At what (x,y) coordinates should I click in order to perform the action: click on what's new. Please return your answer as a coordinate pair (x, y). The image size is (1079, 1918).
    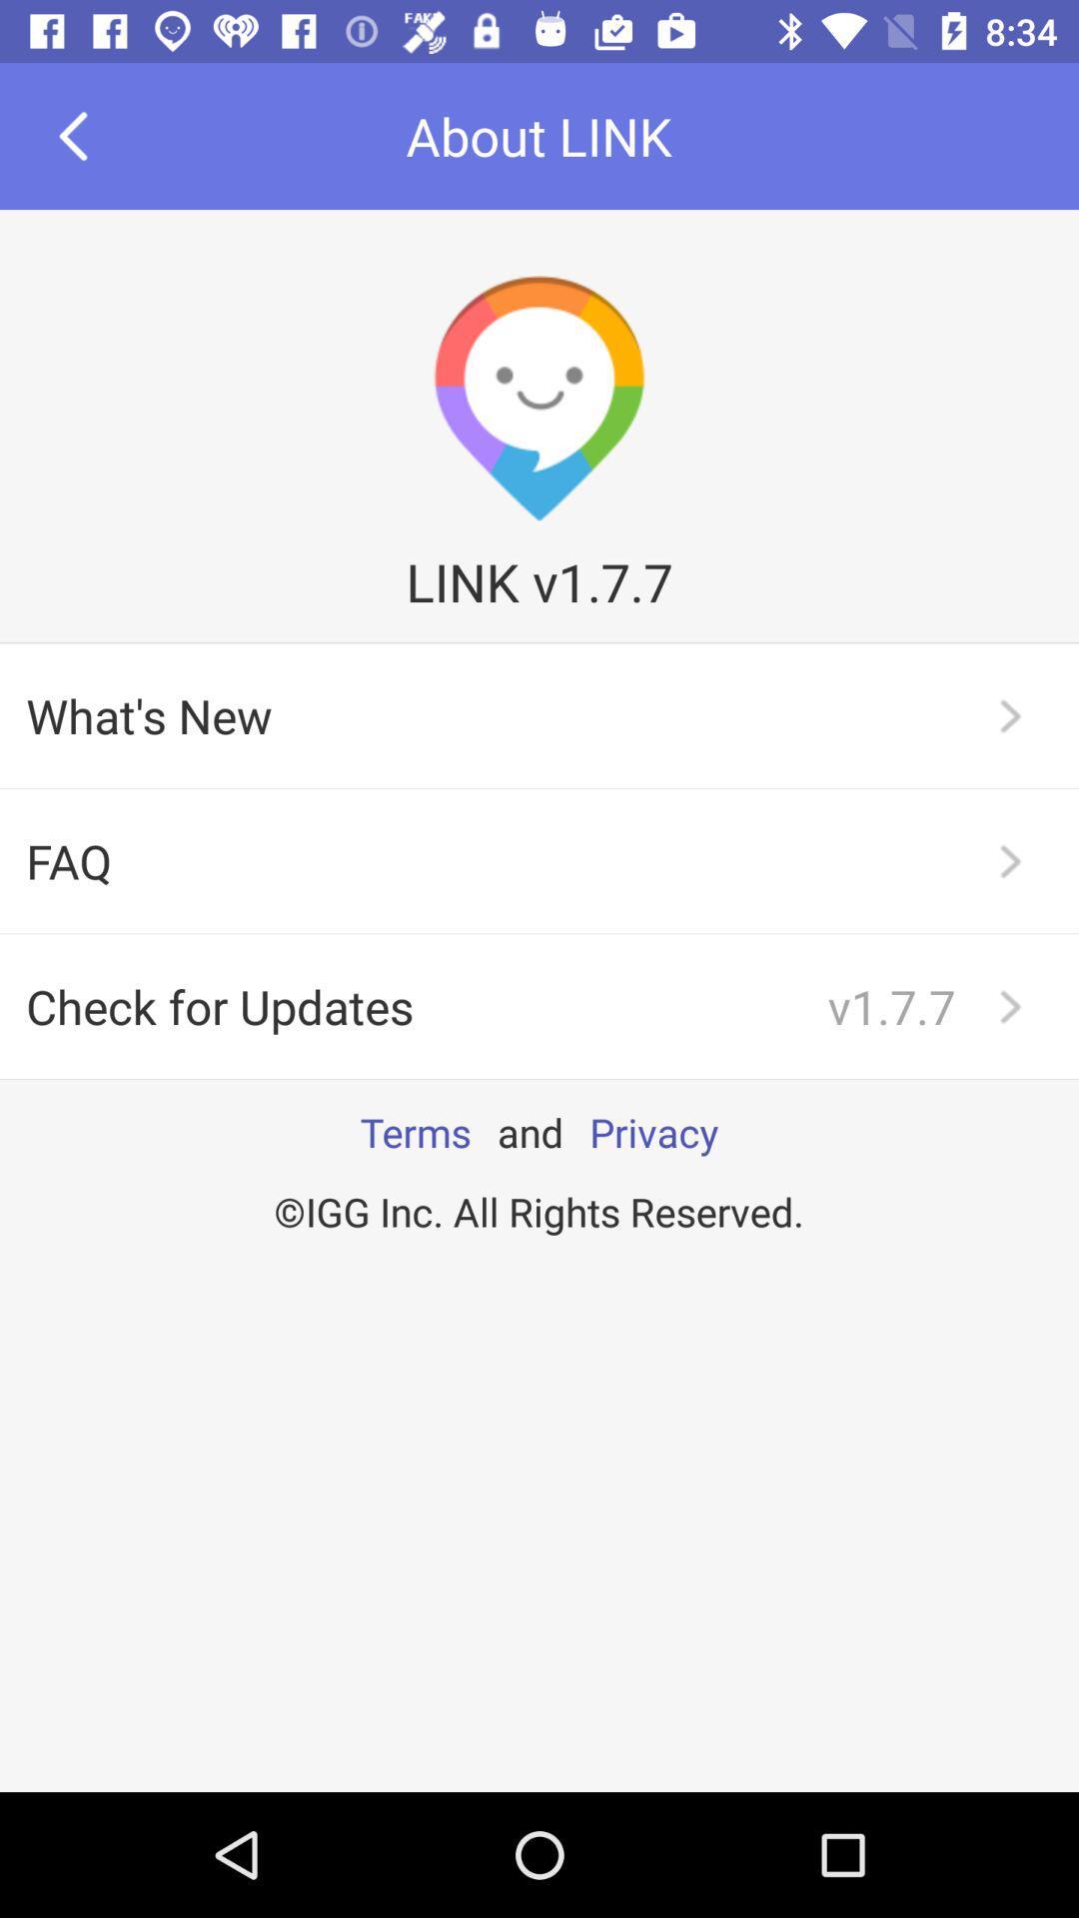
    Looking at the image, I should click on (539, 715).